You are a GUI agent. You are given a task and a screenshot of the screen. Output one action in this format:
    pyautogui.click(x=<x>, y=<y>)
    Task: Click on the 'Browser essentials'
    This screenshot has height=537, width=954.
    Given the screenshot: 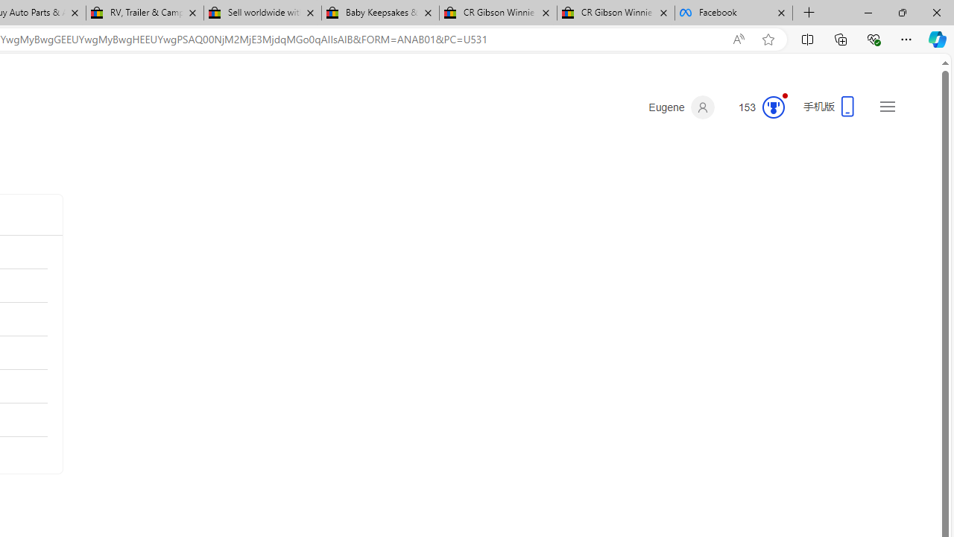 What is the action you would take?
    pyautogui.click(x=873, y=38)
    